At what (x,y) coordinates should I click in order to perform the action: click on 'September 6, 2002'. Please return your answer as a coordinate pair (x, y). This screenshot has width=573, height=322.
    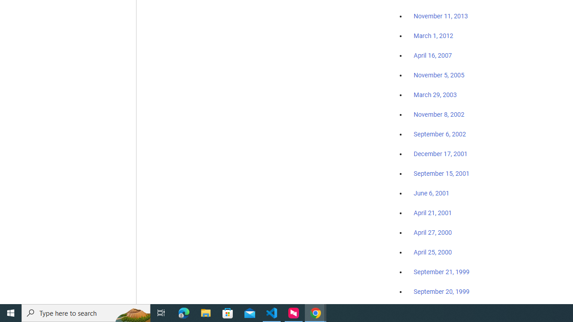
    Looking at the image, I should click on (440, 134).